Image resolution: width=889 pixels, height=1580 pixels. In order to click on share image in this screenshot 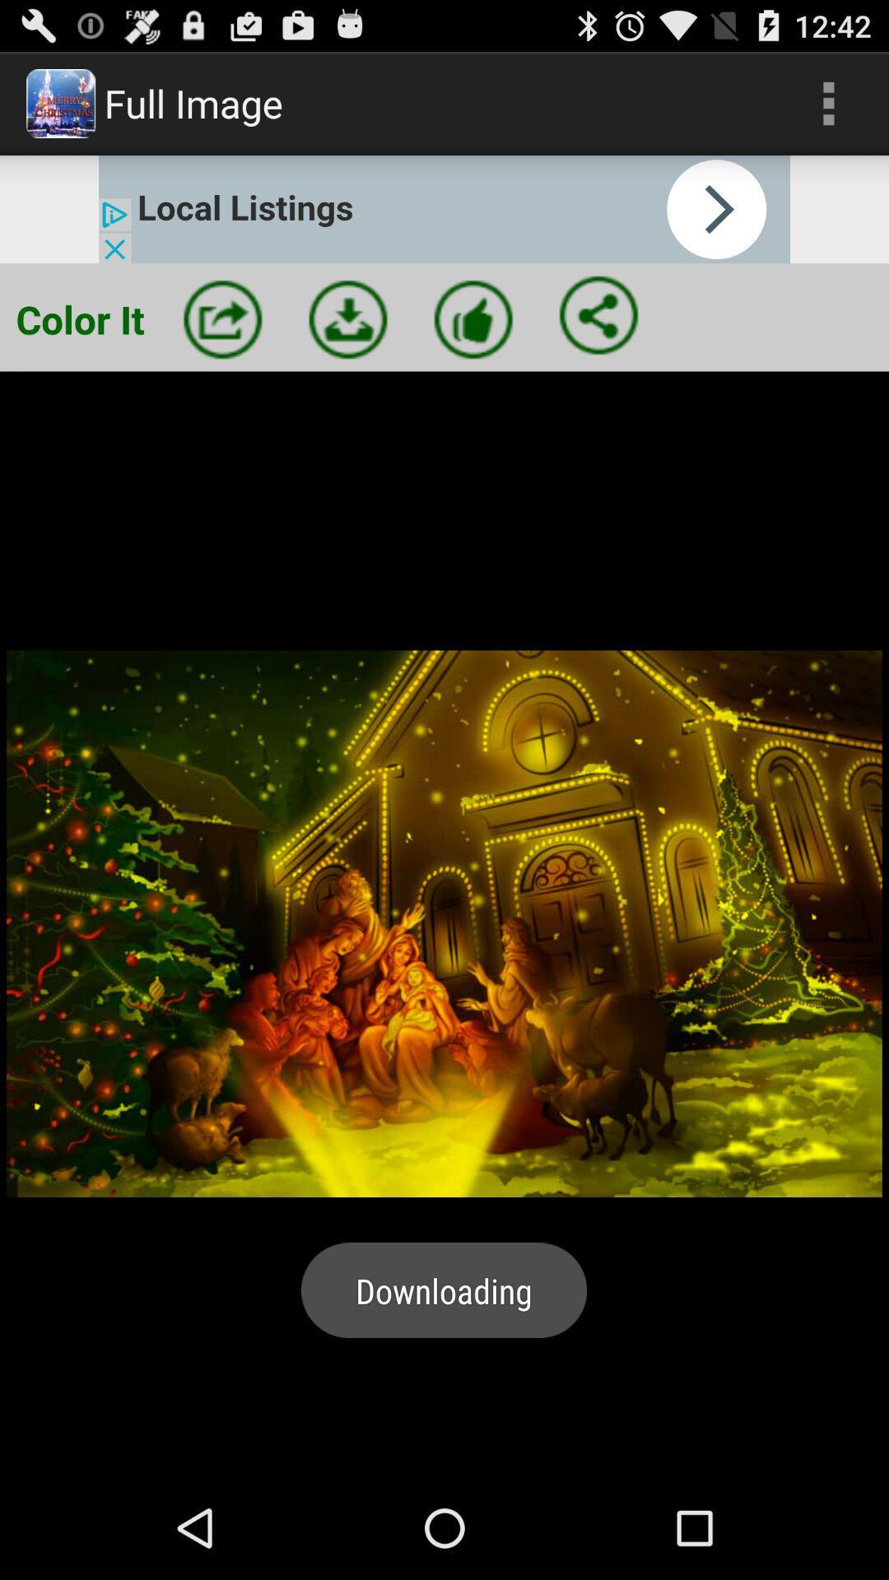, I will do `click(598, 315)`.